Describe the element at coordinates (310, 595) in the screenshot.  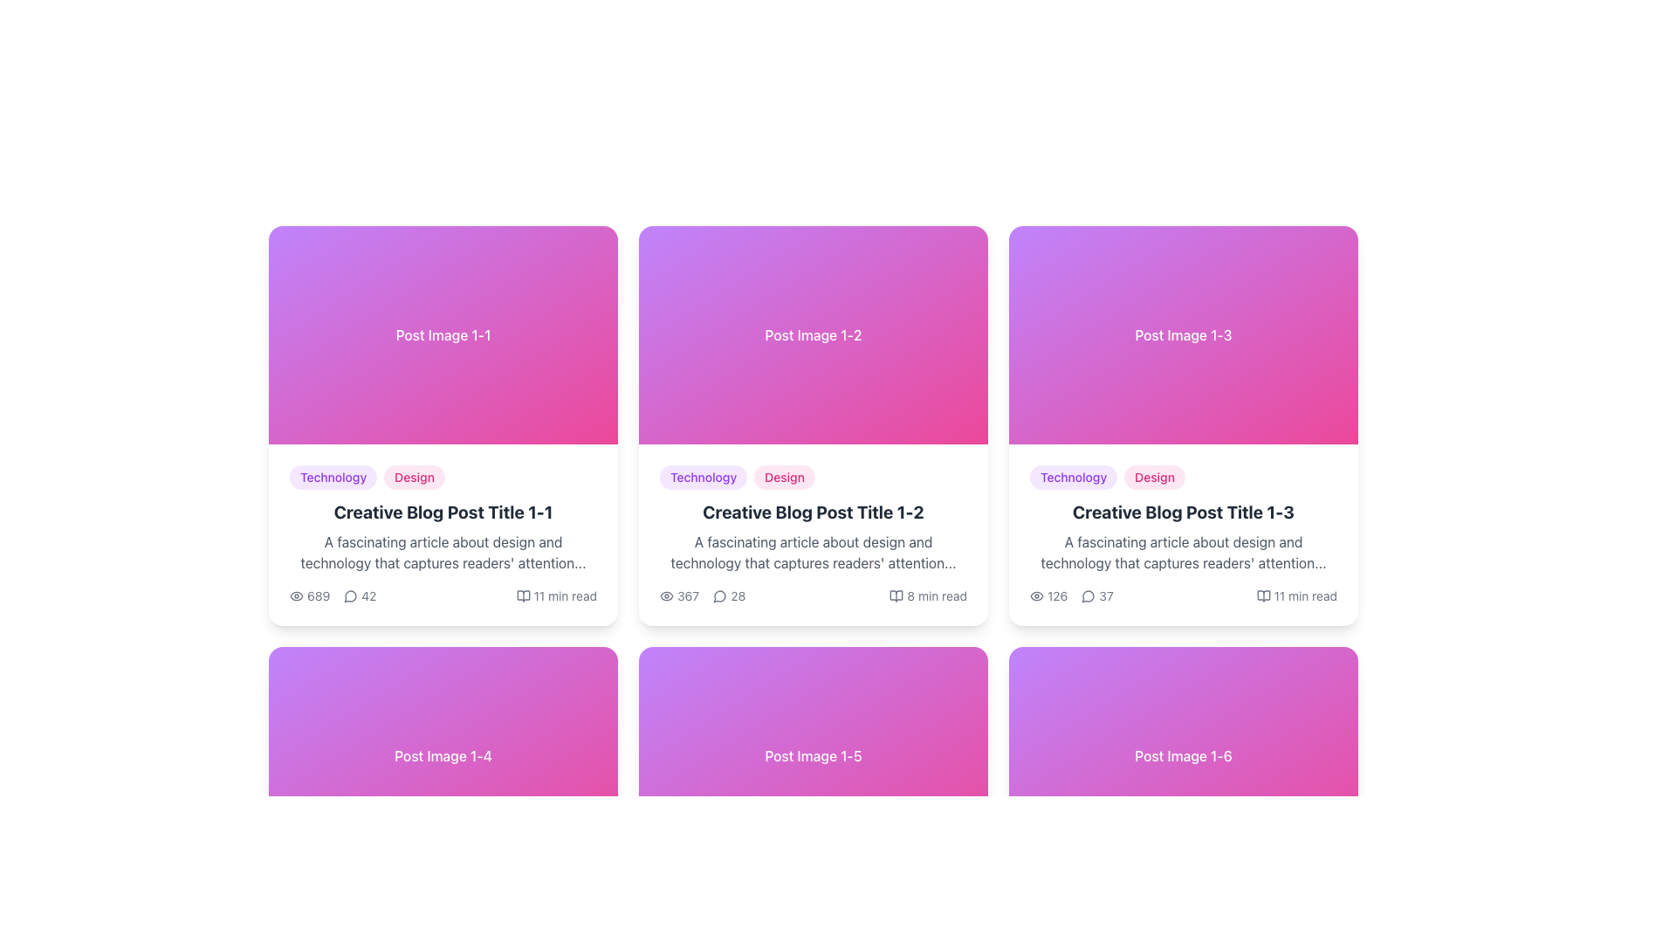
I see `the text element displaying view count, located beneath the descriptive text and tags, adjacent to the '42' element` at that location.